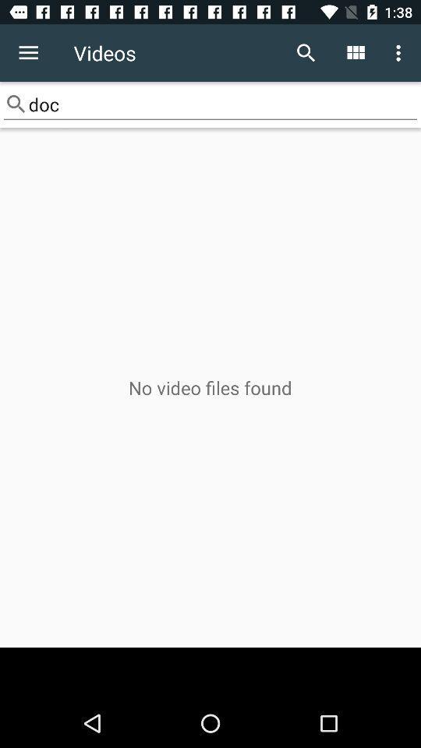 This screenshot has width=421, height=748. Describe the element at coordinates (306, 53) in the screenshot. I see `the icon next to videos` at that location.